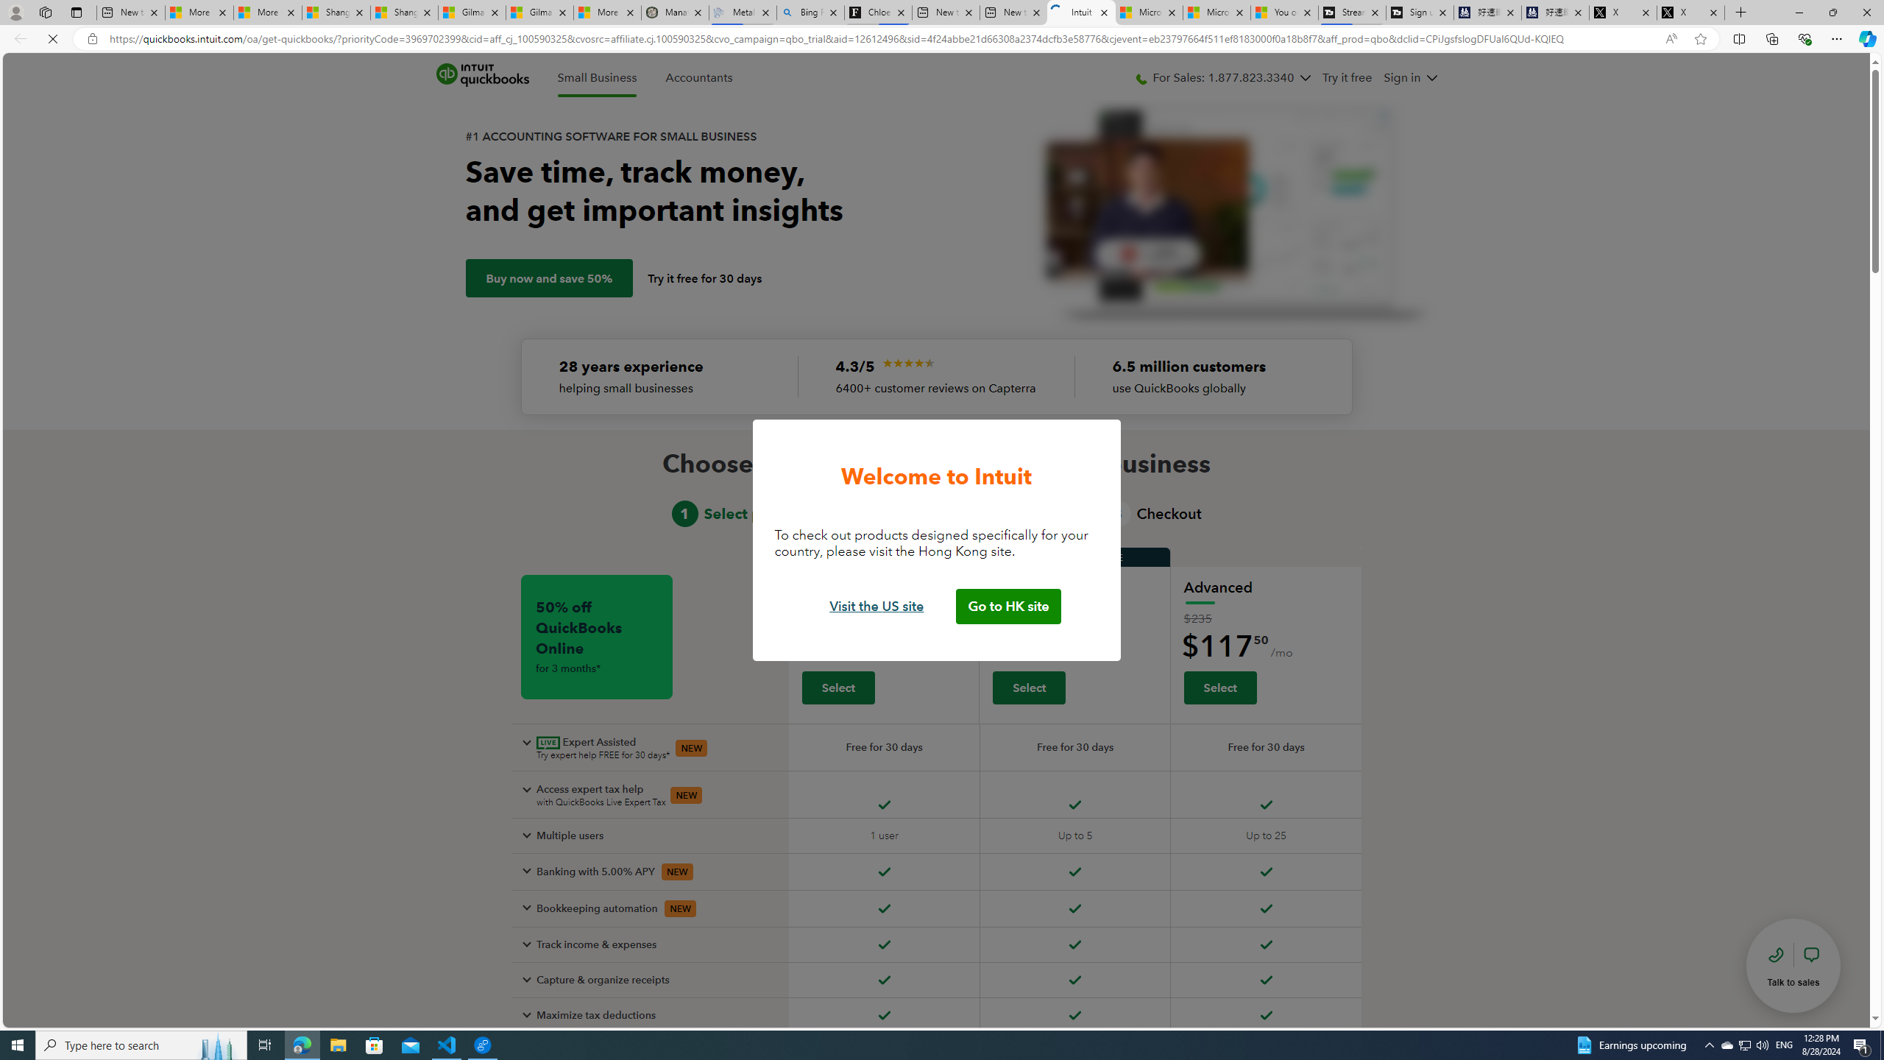 Image resolution: width=1884 pixels, height=1060 pixels. What do you see at coordinates (597, 78) in the screenshot?
I see `'Small Business'` at bounding box center [597, 78].